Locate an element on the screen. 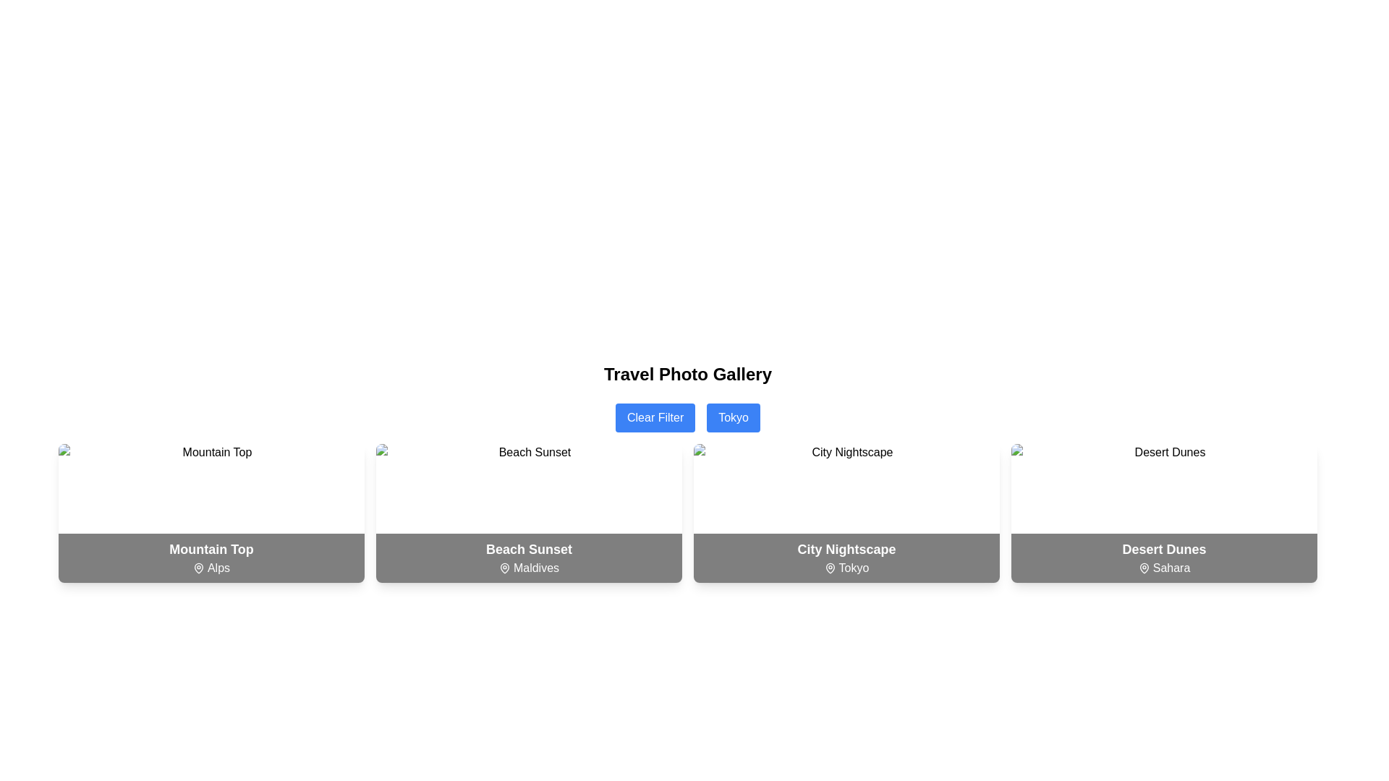 The height and width of the screenshot is (781, 1389). the 'Tokyo' filter button, which is the second button in a group of two is located at coordinates (734, 418).